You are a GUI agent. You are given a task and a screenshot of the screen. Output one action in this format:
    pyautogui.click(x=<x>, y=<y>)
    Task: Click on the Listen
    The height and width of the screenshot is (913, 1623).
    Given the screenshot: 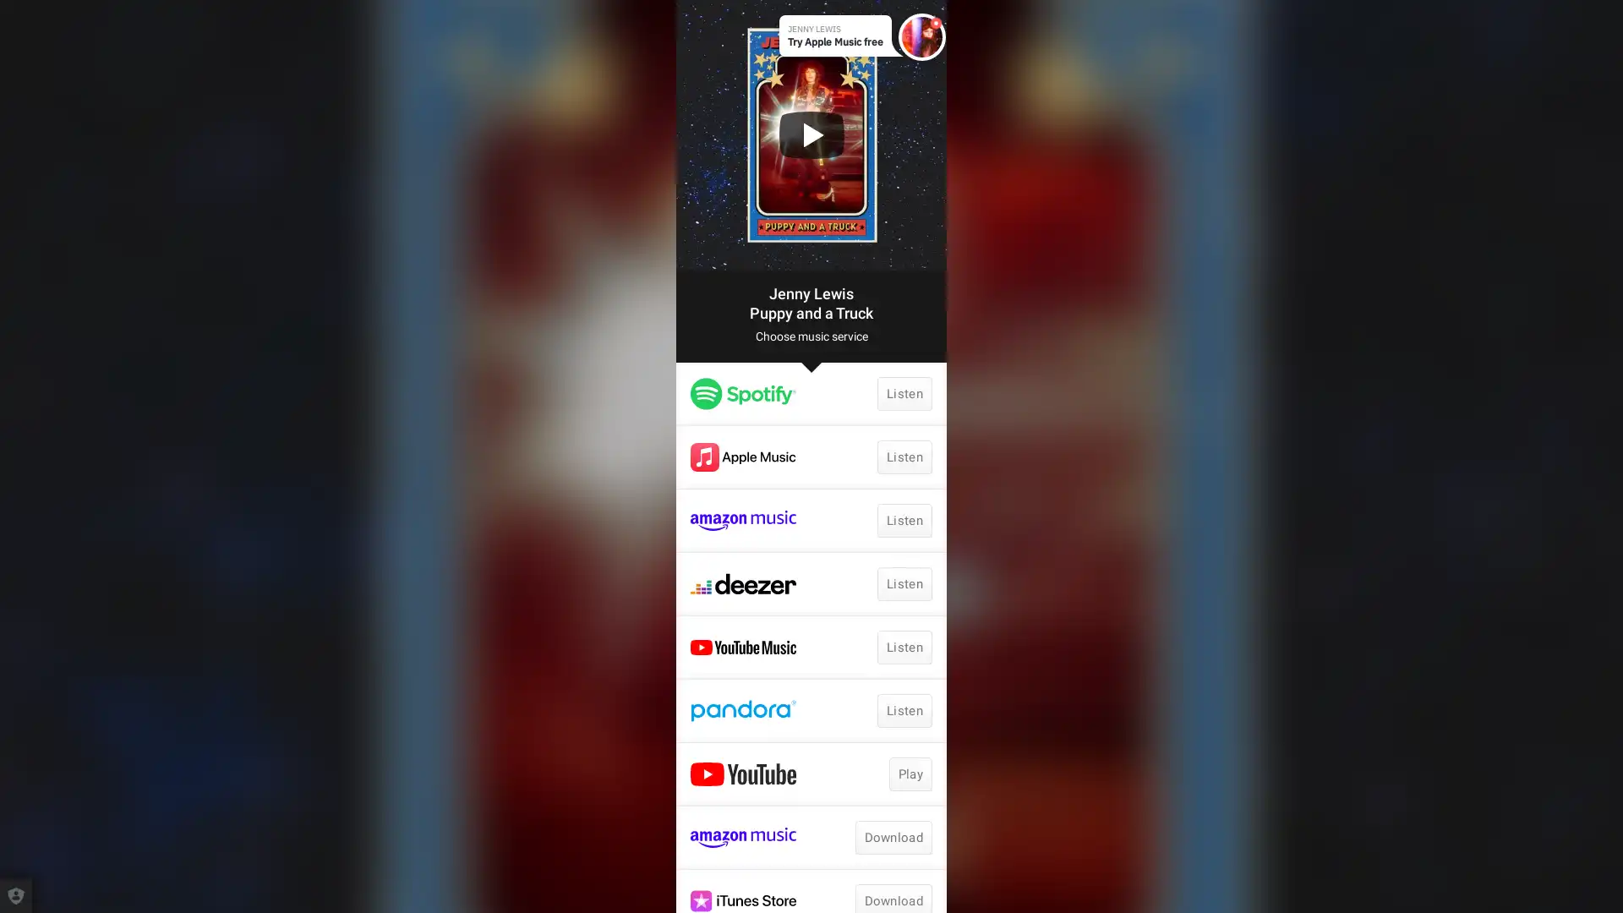 What is the action you would take?
    pyautogui.click(x=904, y=394)
    